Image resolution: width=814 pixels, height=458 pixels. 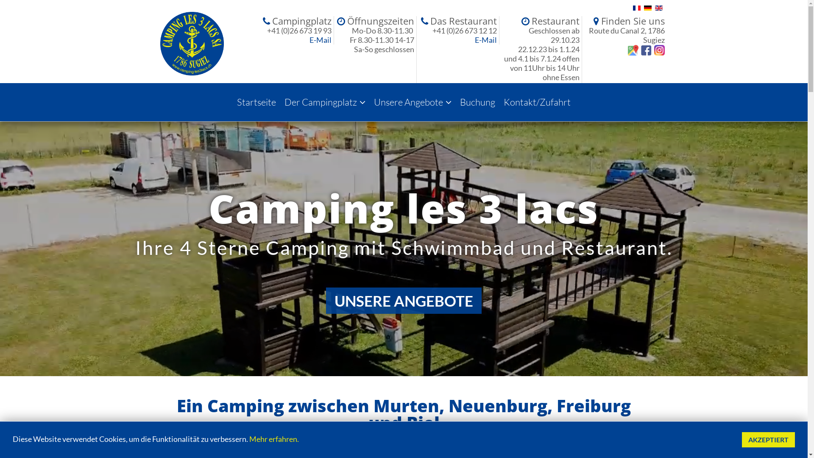 What do you see at coordinates (651, 49) in the screenshot?
I see `'  '` at bounding box center [651, 49].